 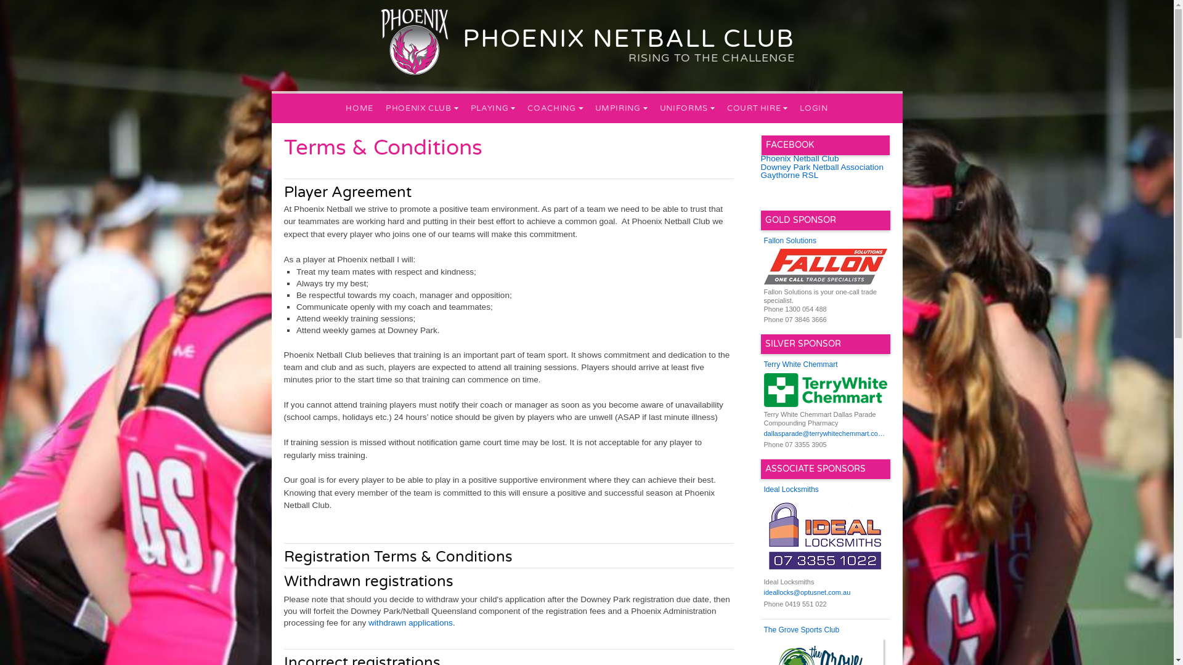 I want to click on 'Gaythorne RSL', so click(x=789, y=175).